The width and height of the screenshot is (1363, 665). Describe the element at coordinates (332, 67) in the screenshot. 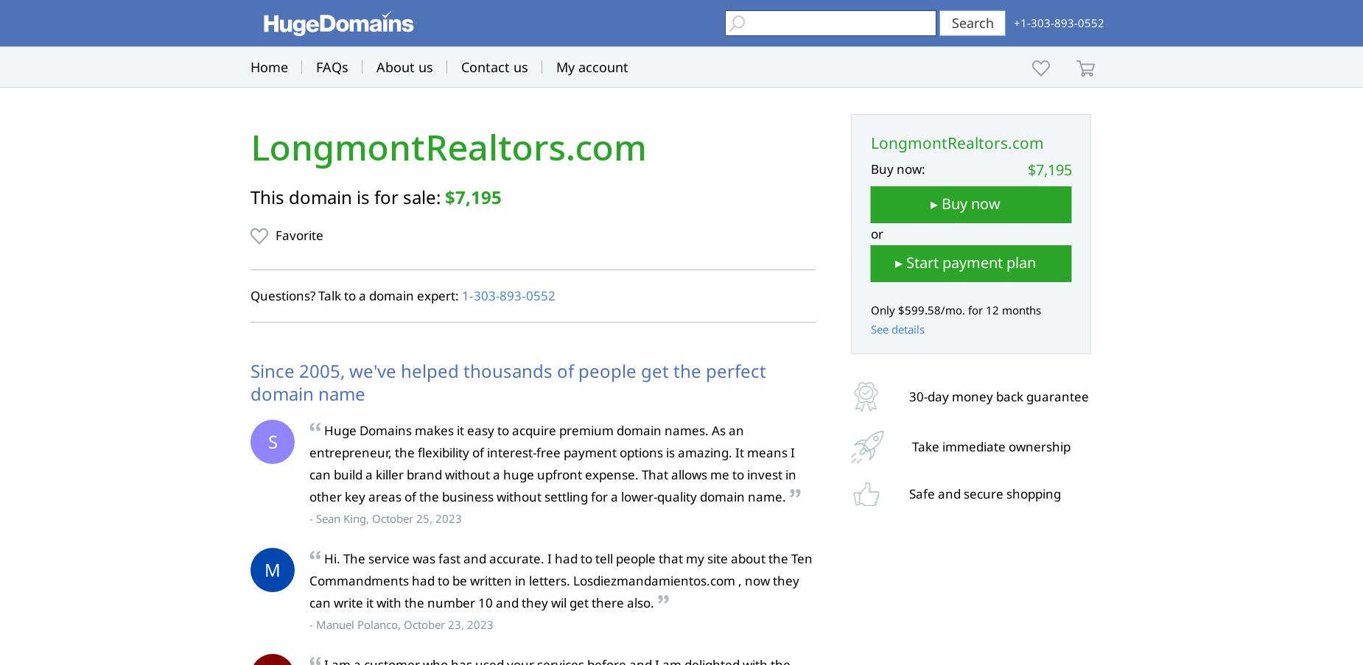

I see `'FAQs'` at that location.